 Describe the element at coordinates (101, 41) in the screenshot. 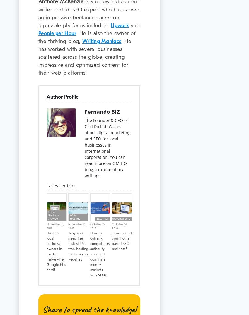

I see `'Writing Maniacs'` at that location.